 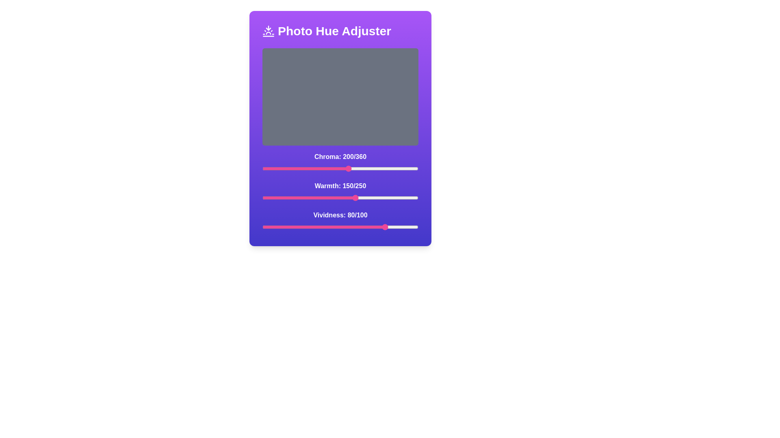 I want to click on the warmth slider to 233 value, so click(x=407, y=198).